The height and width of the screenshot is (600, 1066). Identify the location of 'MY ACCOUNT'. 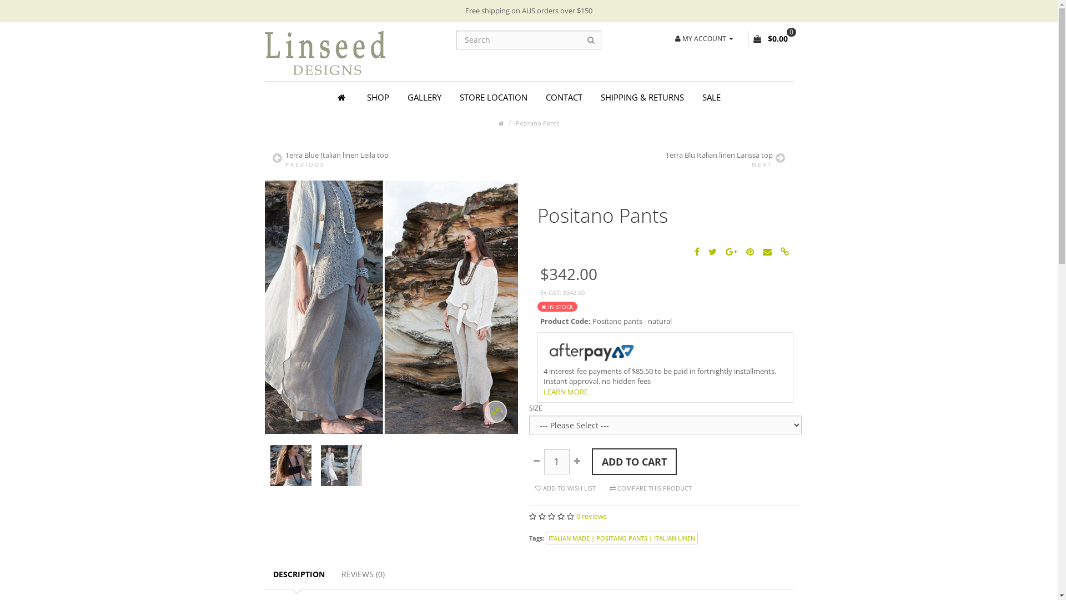
(703, 38).